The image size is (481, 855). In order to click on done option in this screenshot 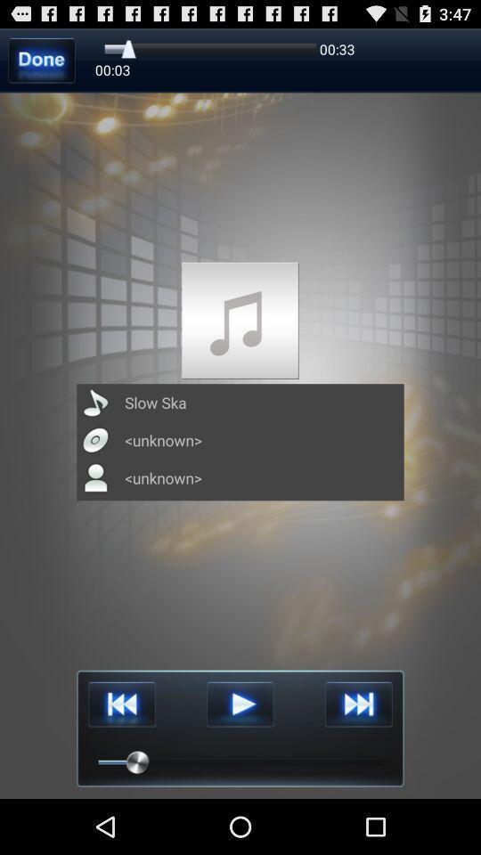, I will do `click(42, 60)`.